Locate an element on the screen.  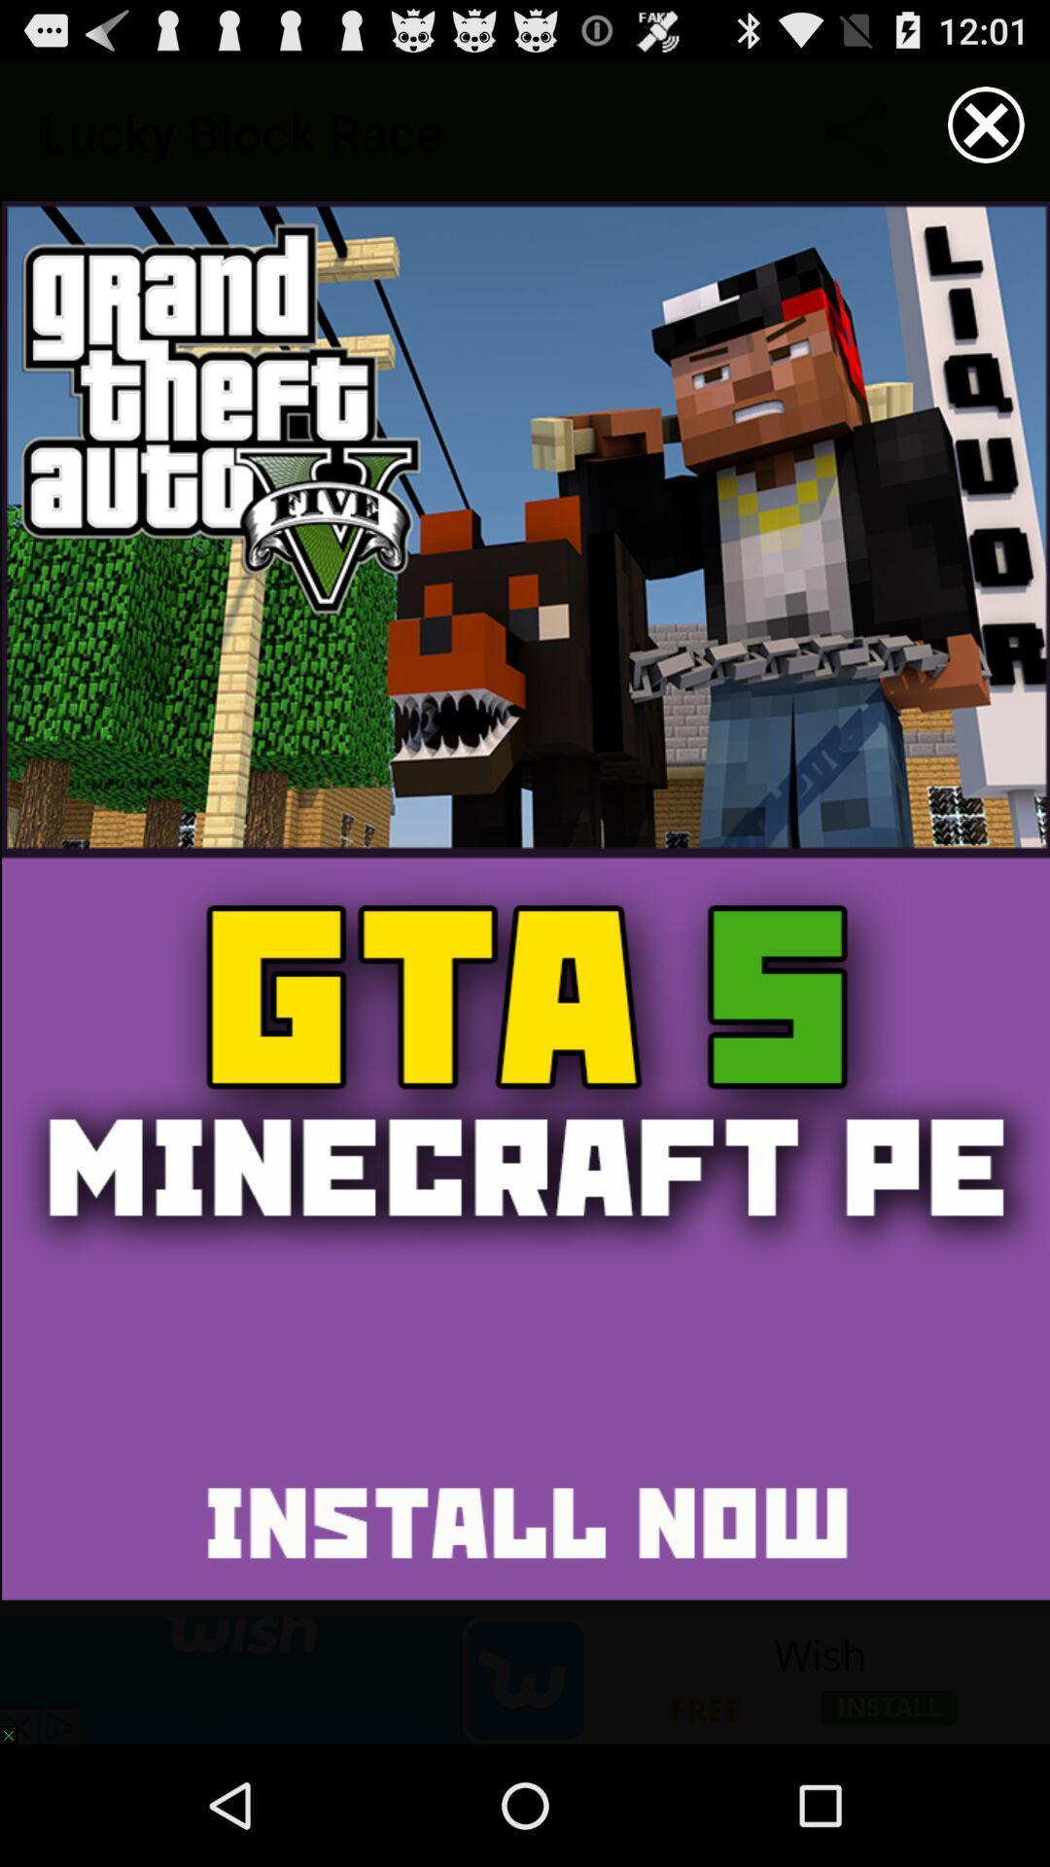
the close icon is located at coordinates (986, 132).